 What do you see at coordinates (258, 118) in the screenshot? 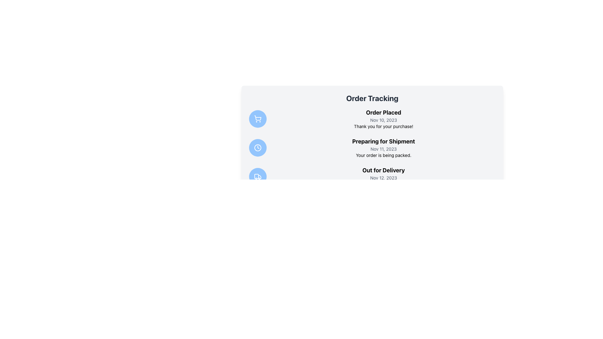
I see `the stylized shopping cart icon located at the top of the vertical list of icons on the left side of the interface, which is depicted in line art against a blue circular background` at bounding box center [258, 118].